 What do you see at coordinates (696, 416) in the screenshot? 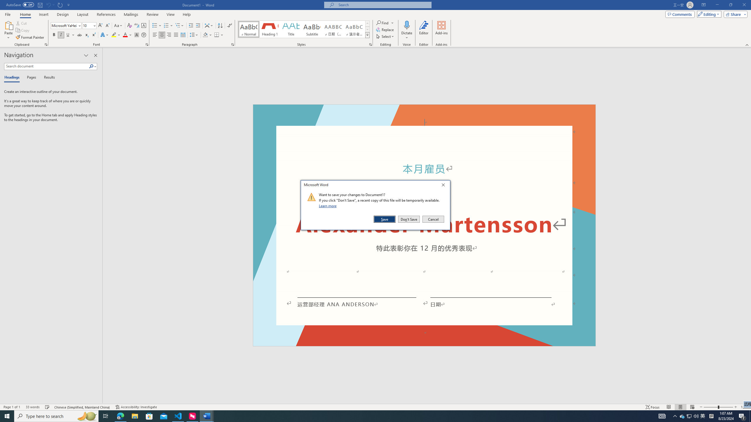
I see `'Q2790: 100%'` at bounding box center [696, 416].